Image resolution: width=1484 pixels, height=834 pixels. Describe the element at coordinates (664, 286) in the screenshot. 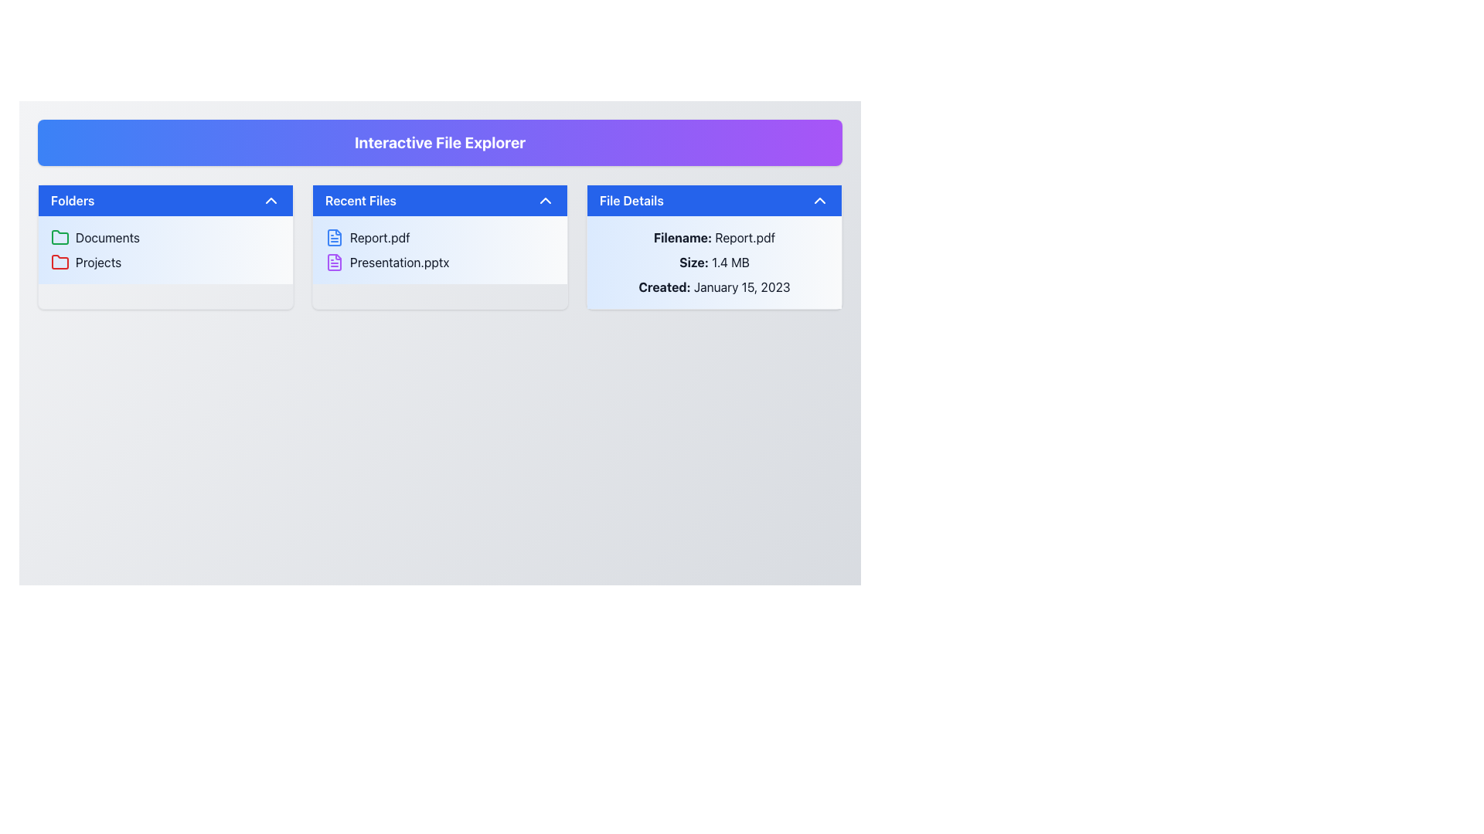

I see `the static text label 'Created:' located in the 'File Details' section of the interface` at that location.